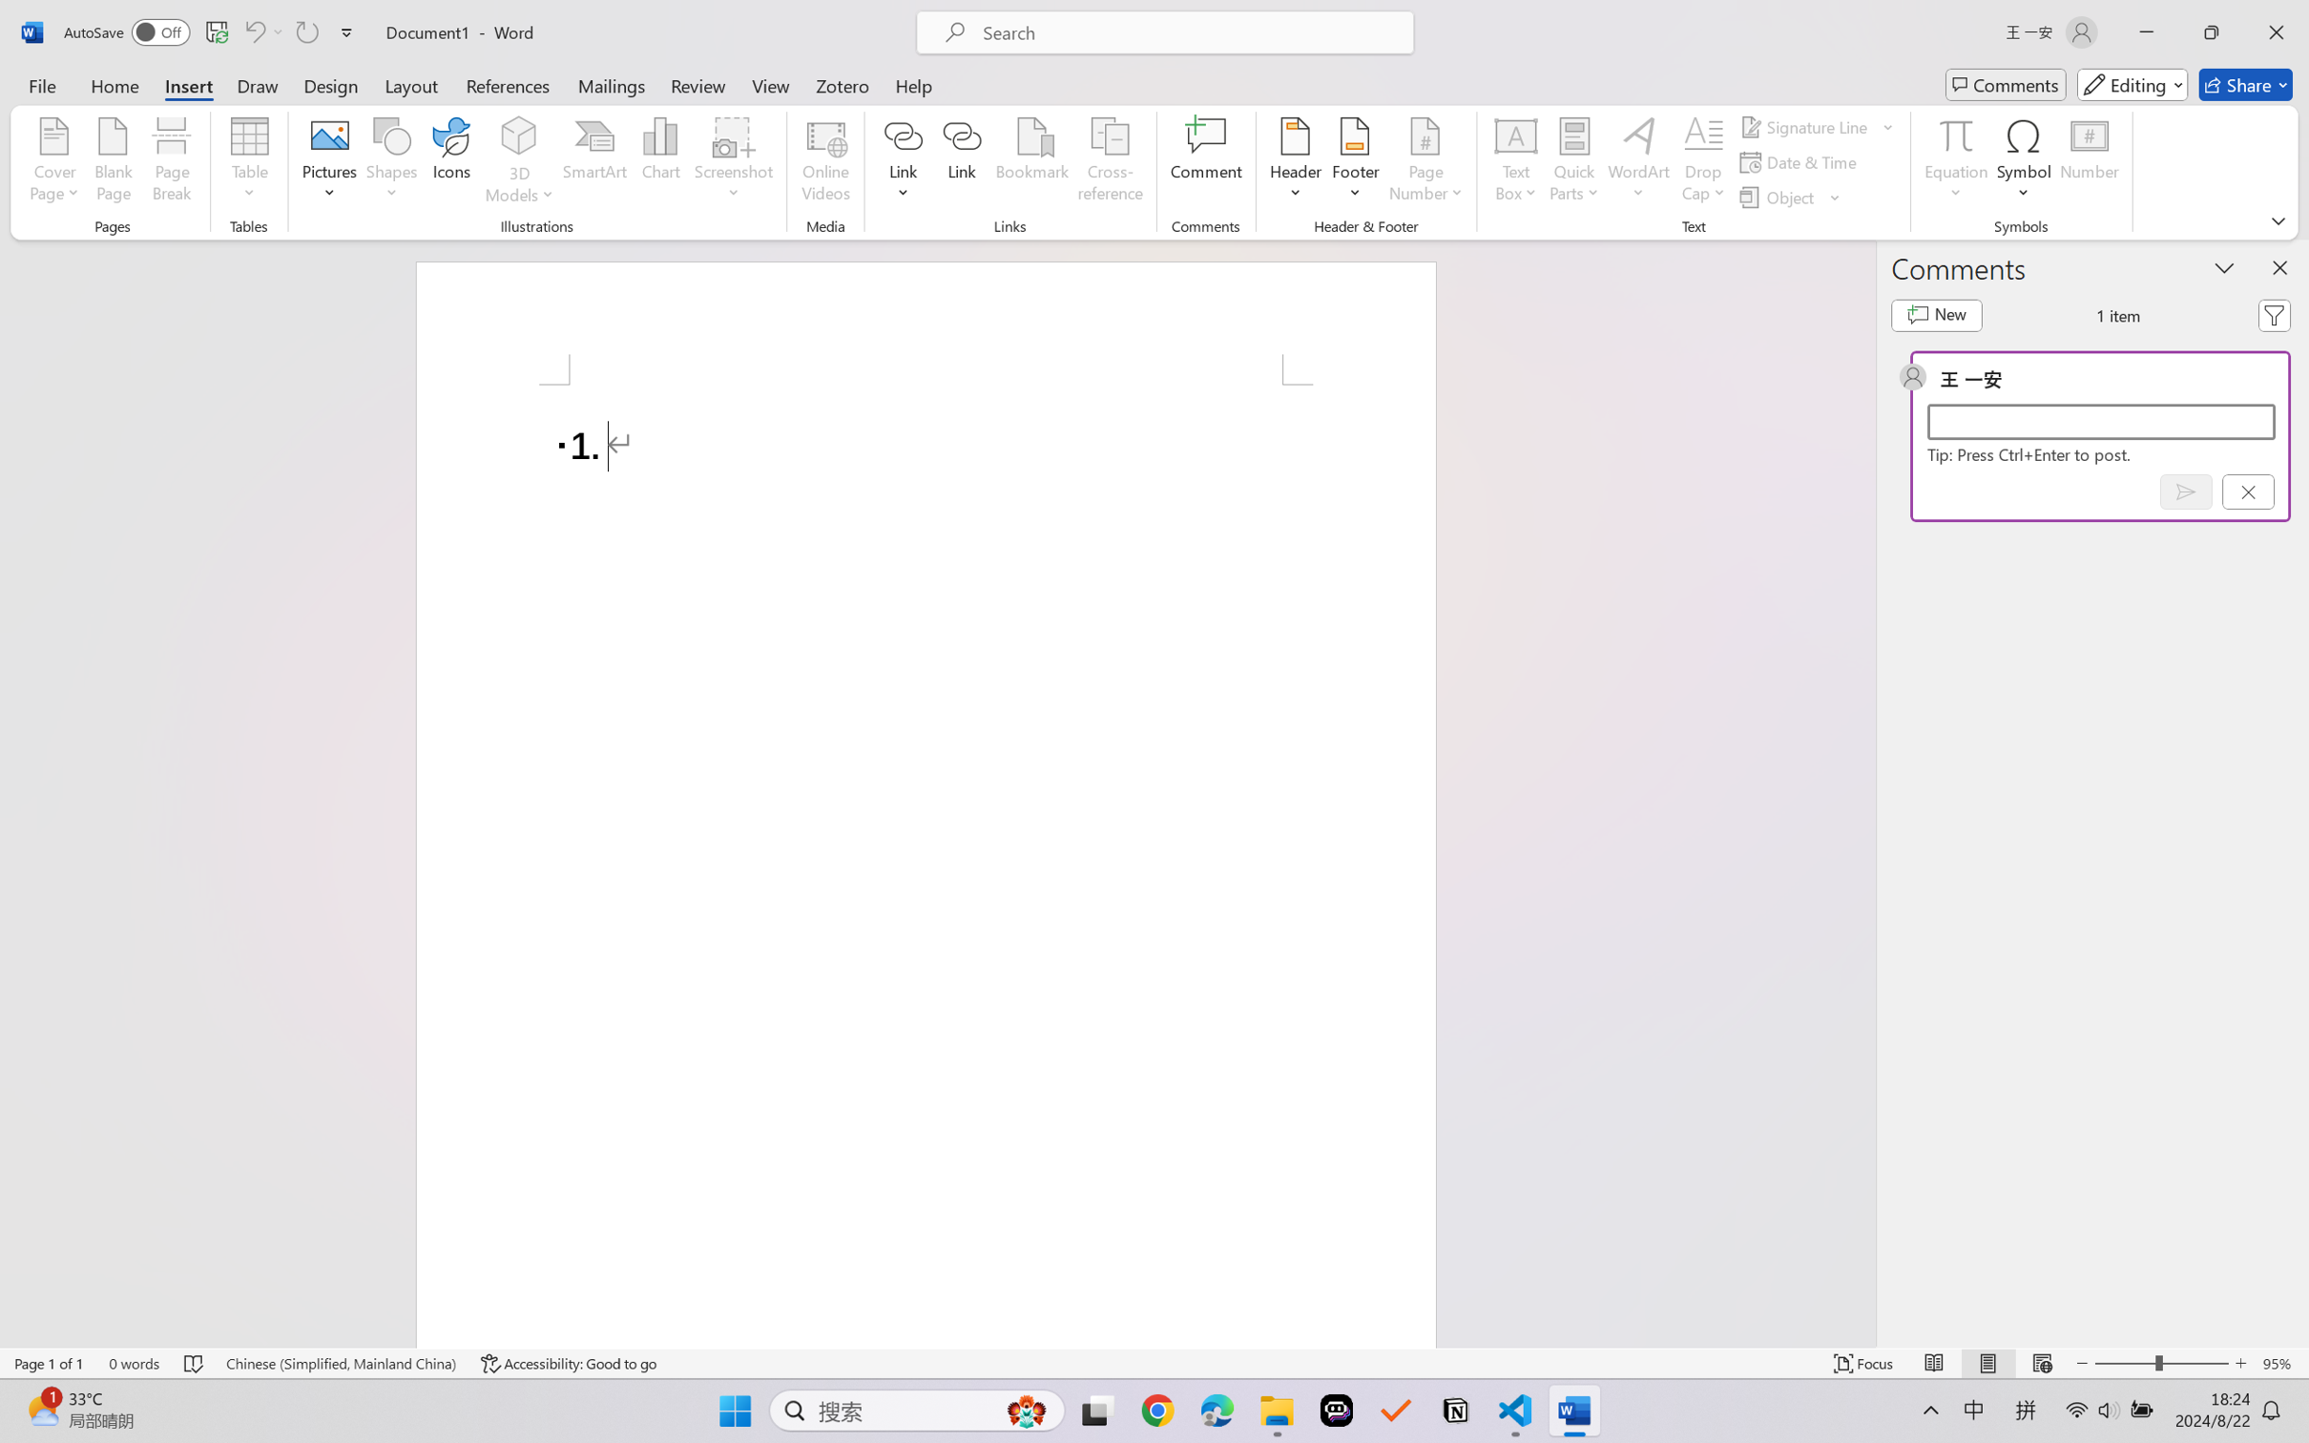 Image resolution: width=2309 pixels, height=1443 pixels. What do you see at coordinates (903, 162) in the screenshot?
I see `'Link'` at bounding box center [903, 162].